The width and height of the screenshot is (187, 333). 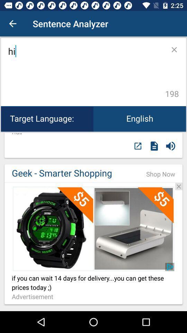 I want to click on english item, so click(x=140, y=119).